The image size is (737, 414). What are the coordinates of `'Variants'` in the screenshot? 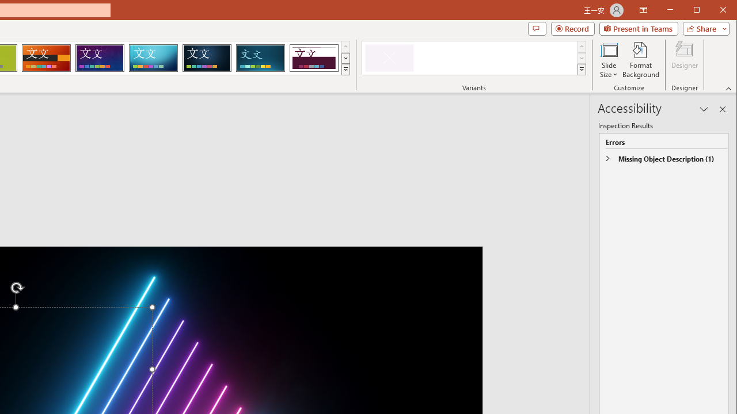 It's located at (582, 69).